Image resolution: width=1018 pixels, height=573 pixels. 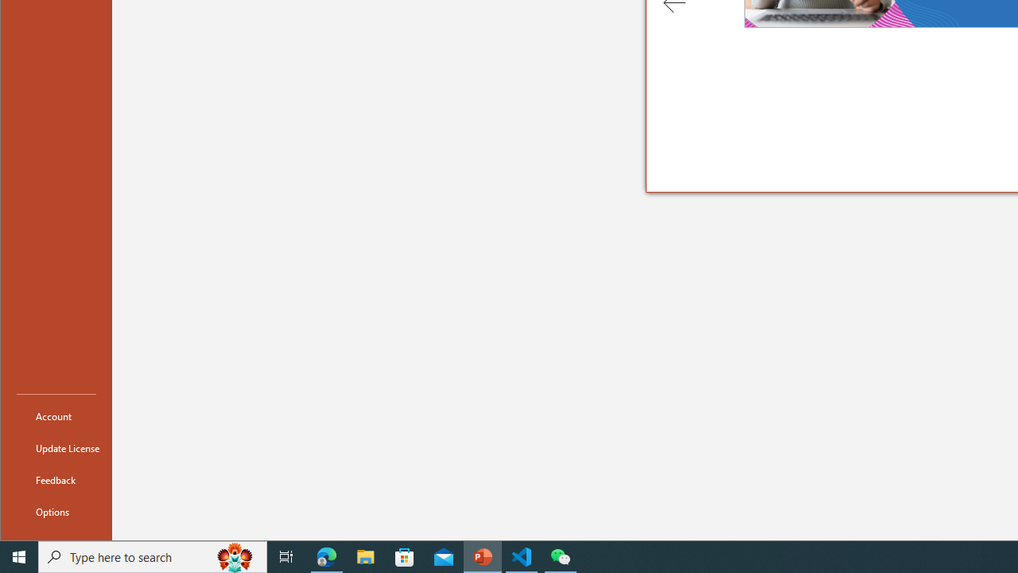 What do you see at coordinates (561, 555) in the screenshot?
I see `'WeChat - 1 running window'` at bounding box center [561, 555].